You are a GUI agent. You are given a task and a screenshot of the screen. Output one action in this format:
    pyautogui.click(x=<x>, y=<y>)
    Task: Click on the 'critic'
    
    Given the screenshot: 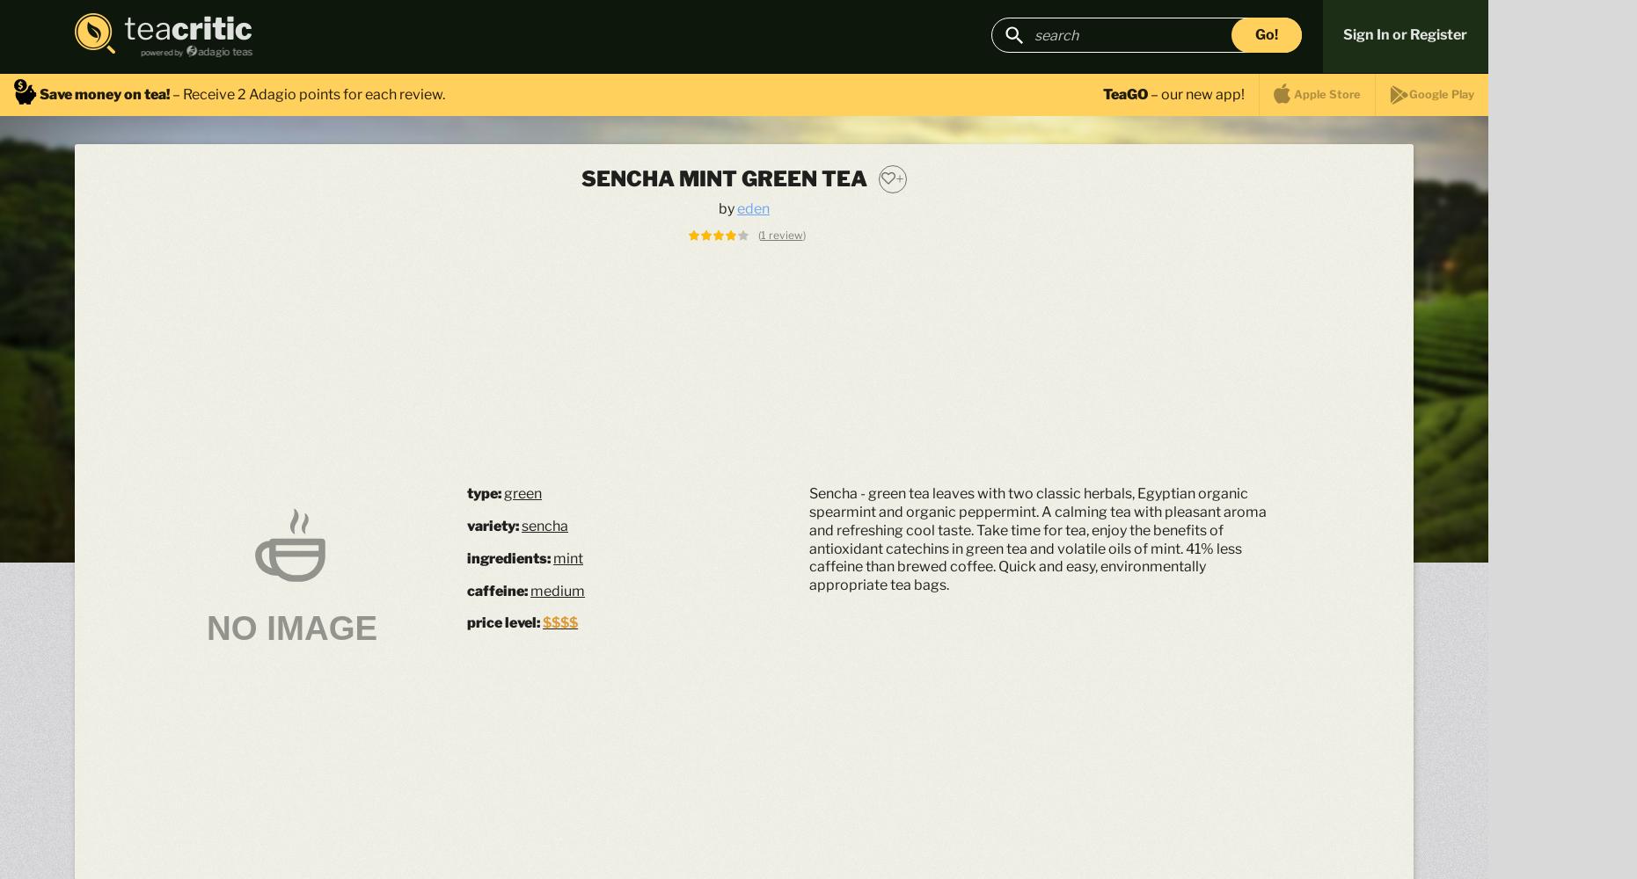 What is the action you would take?
    pyautogui.click(x=211, y=28)
    